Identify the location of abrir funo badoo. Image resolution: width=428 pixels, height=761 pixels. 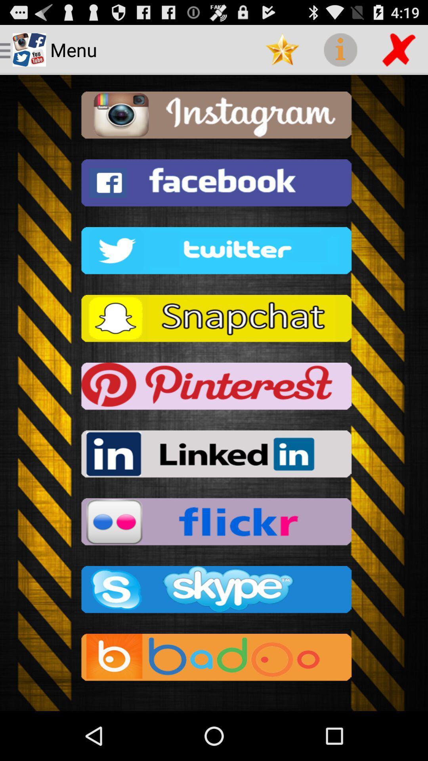
(214, 660).